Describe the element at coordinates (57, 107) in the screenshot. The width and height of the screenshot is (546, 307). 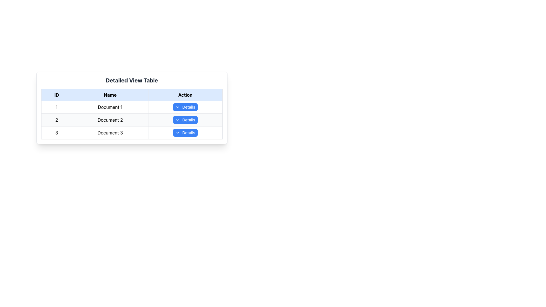
I see `the Table Cell Text displaying the unique identifier for the first row in the 'Detailed View Table'` at that location.